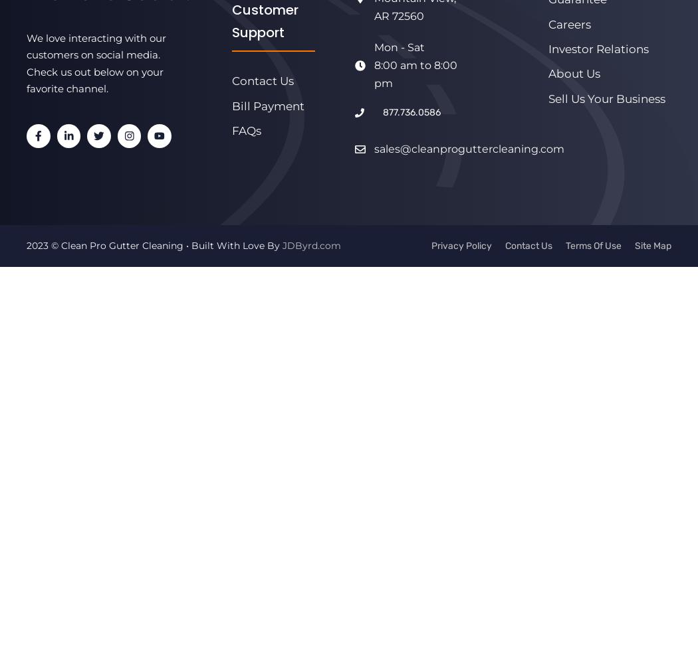  Describe the element at coordinates (566, 244) in the screenshot. I see `'Terms Of Use'` at that location.